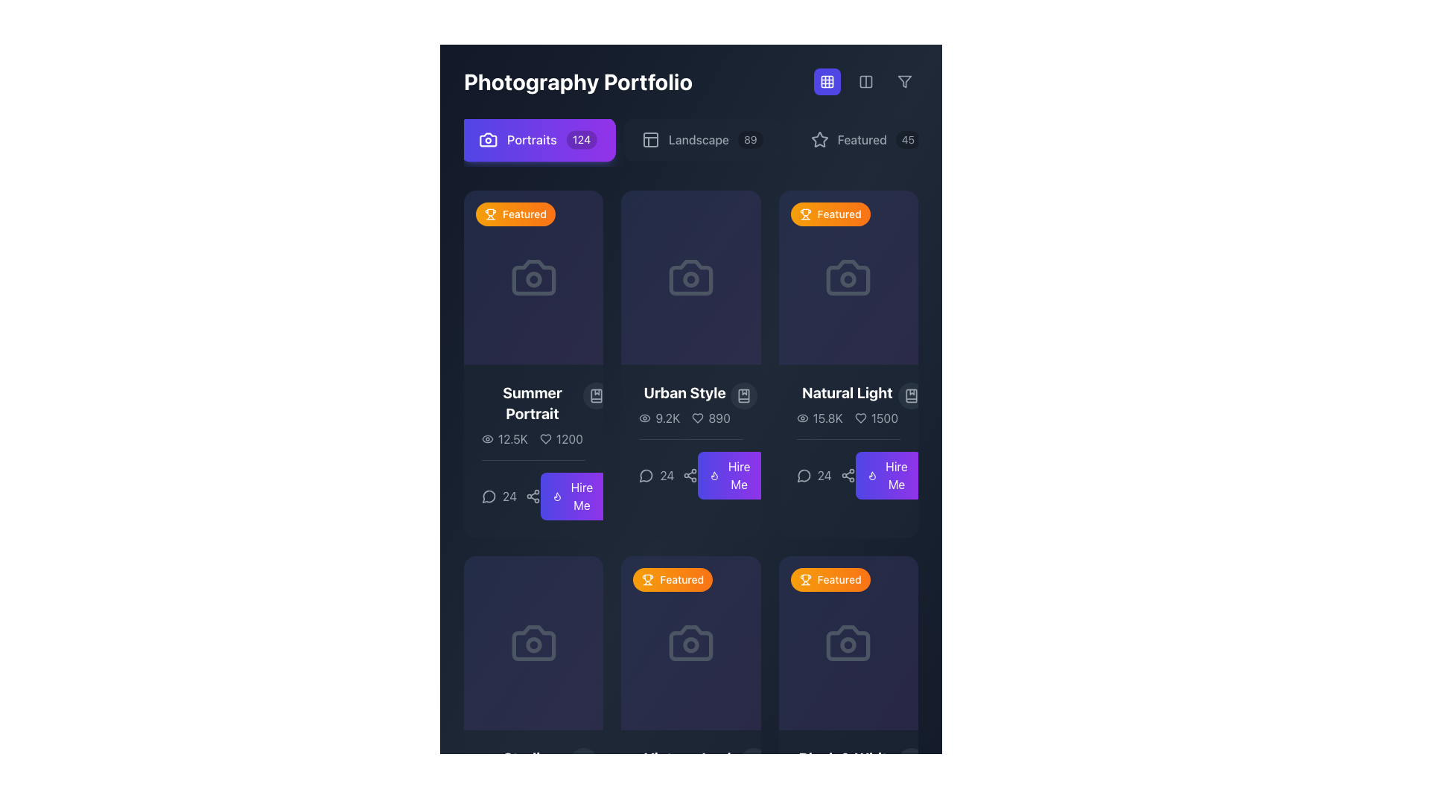 The width and height of the screenshot is (1430, 804). Describe the element at coordinates (512, 438) in the screenshot. I see `the text displaying '12.5K', which is positioned to the right of the eye icon, located below the thumbnail for 'Summer Portrait'` at that location.